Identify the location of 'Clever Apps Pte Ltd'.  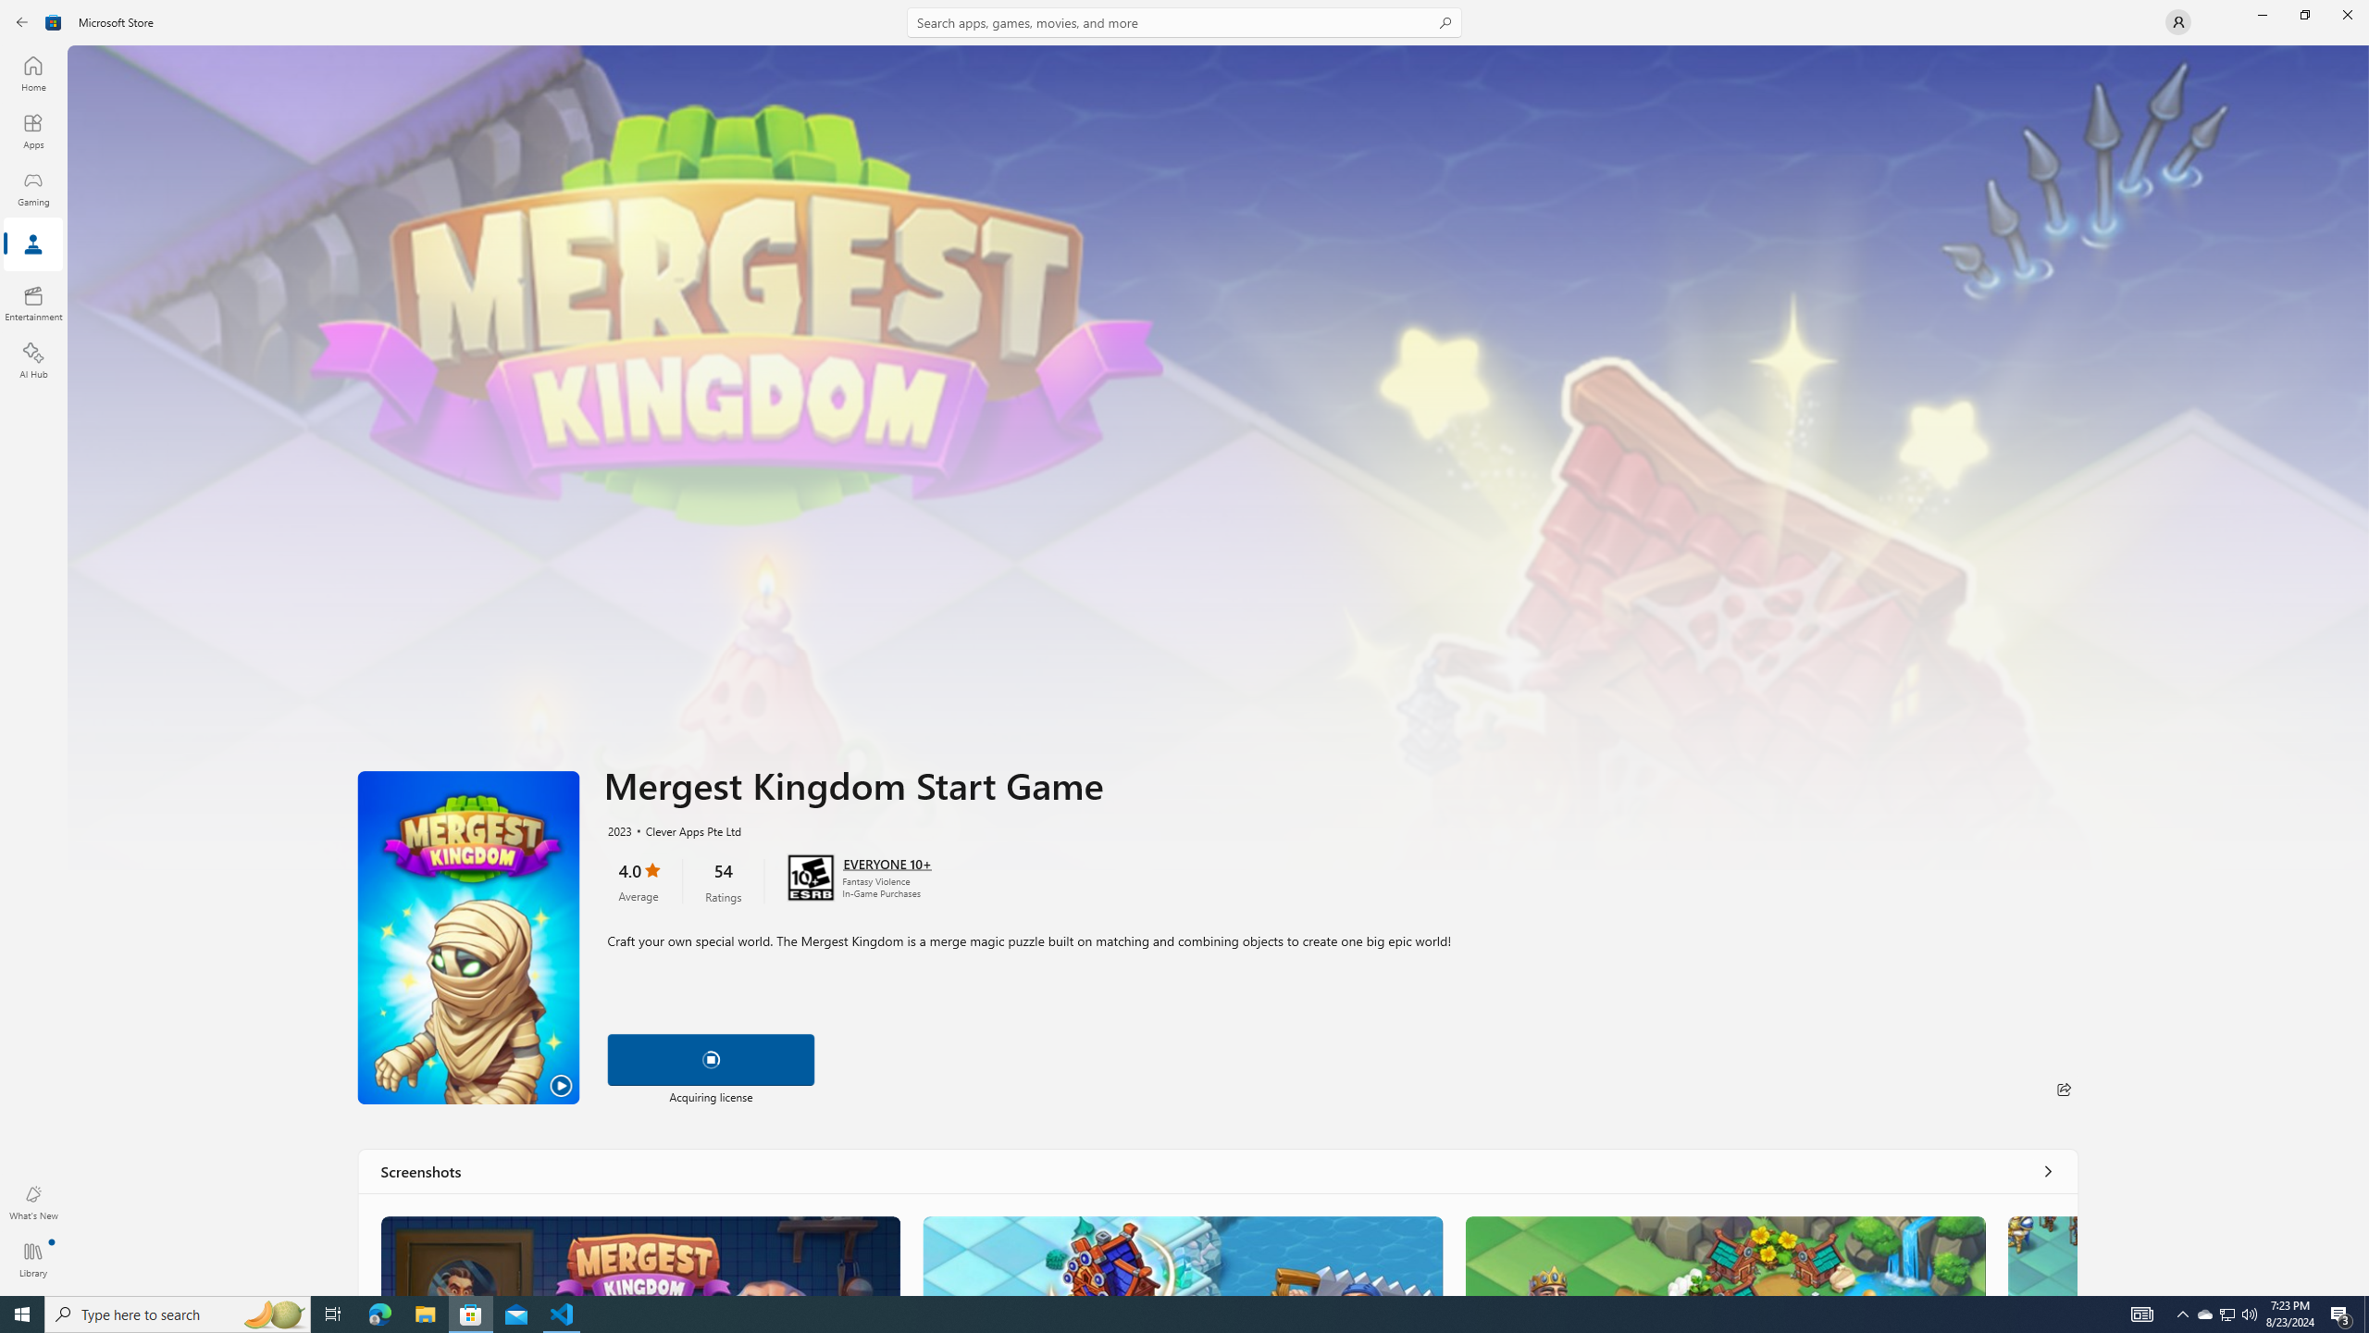
(683, 829).